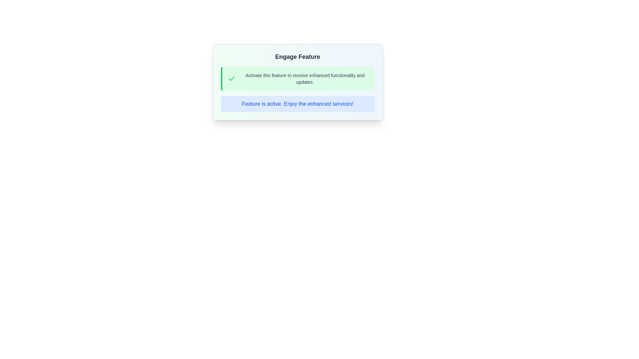 This screenshot has height=359, width=639. What do you see at coordinates (297, 56) in the screenshot?
I see `the static text element that serves as a title or header at the top-center of the card layout` at bounding box center [297, 56].